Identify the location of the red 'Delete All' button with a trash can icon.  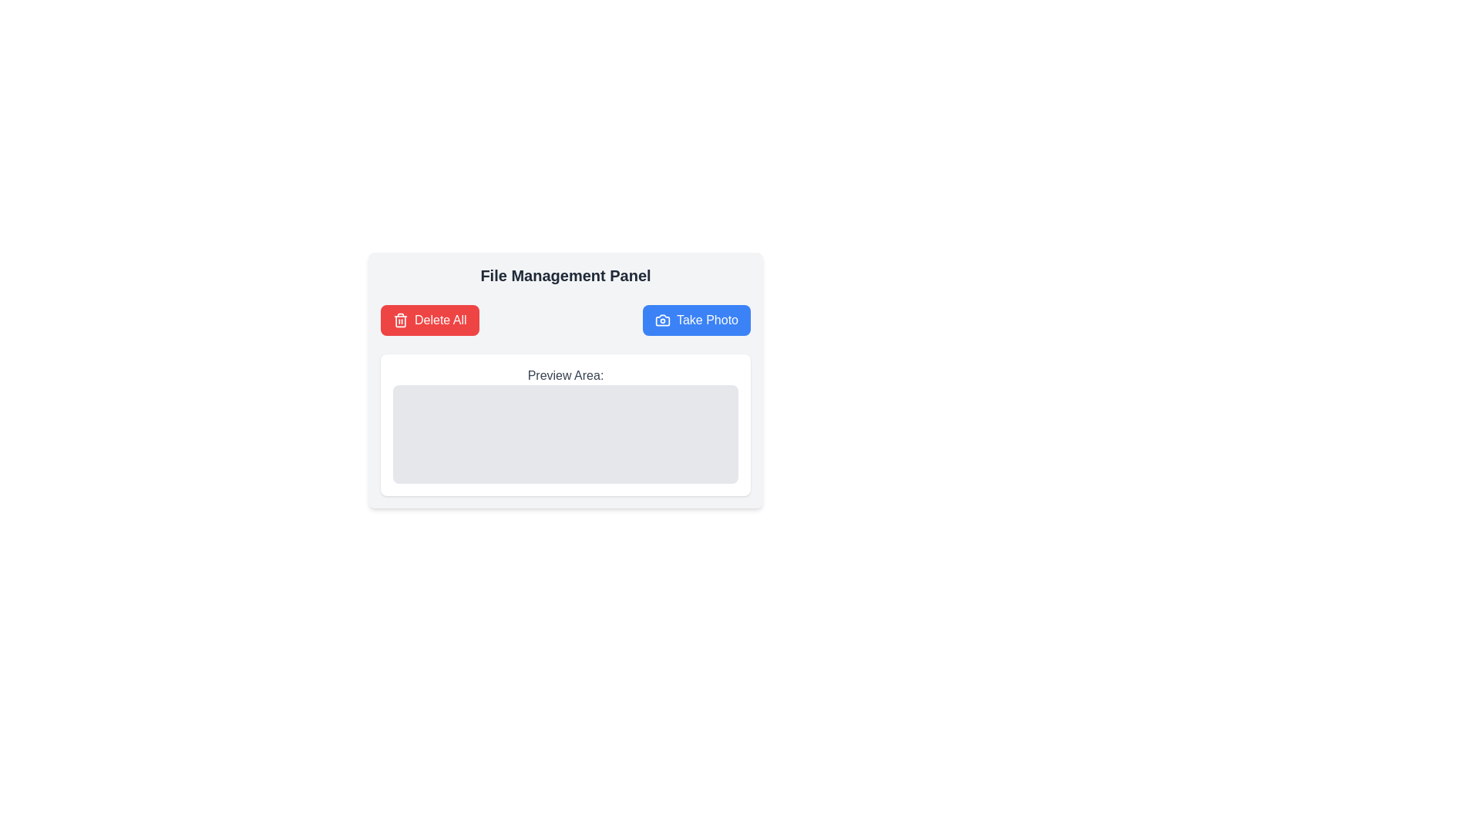
(429, 320).